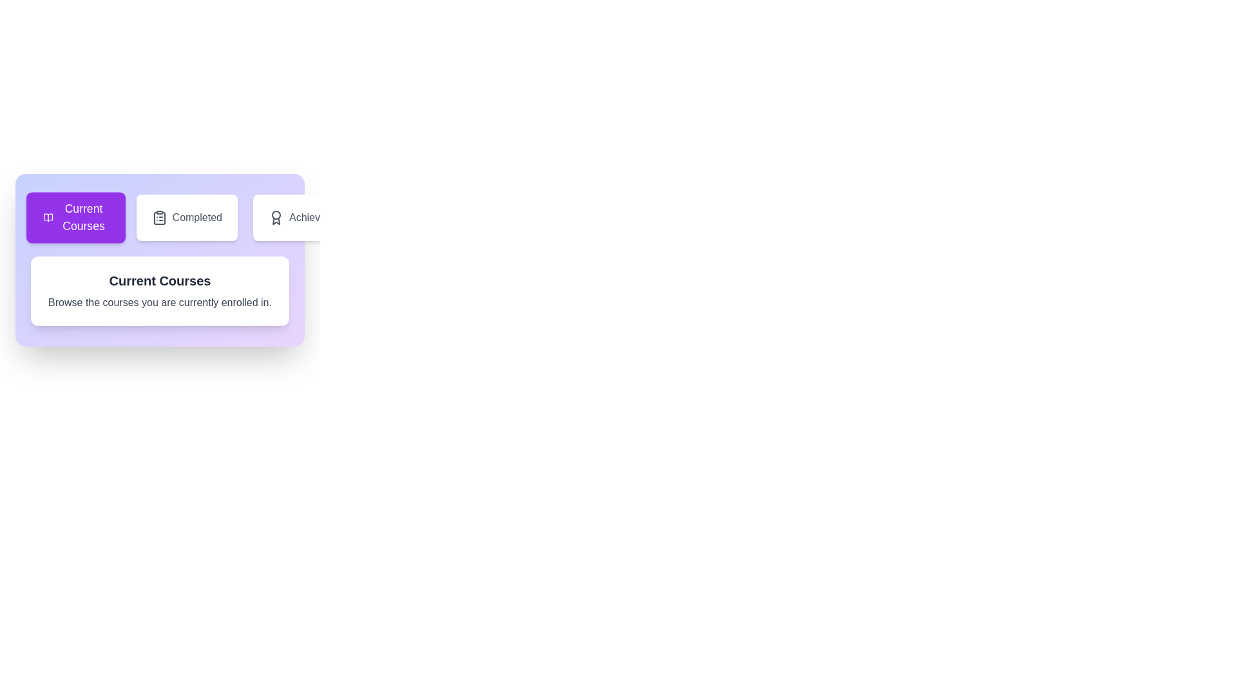 The height and width of the screenshot is (696, 1237). What do you see at coordinates (159, 303) in the screenshot?
I see `the text 'Browse the courses you are currently enrolled in.'` at bounding box center [159, 303].